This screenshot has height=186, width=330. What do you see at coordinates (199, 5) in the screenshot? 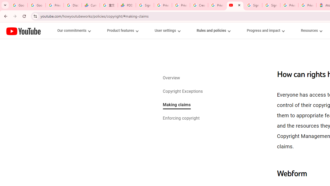
I see `'Create your Google Account'` at bounding box center [199, 5].